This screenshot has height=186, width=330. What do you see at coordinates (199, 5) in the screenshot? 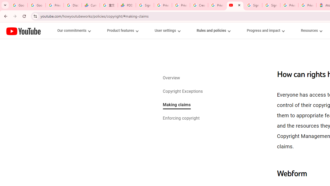
I see `'Create your Google Account'` at bounding box center [199, 5].